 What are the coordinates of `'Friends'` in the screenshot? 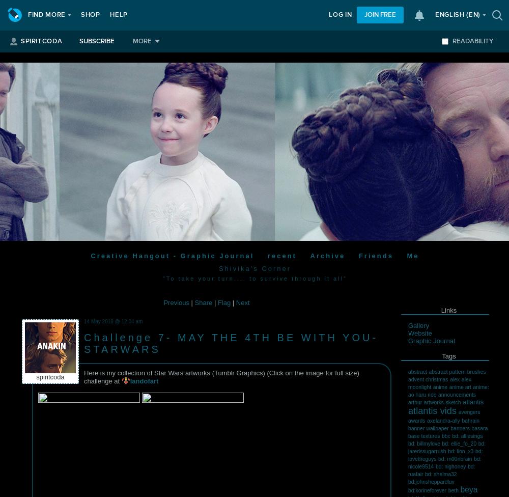 It's located at (375, 256).